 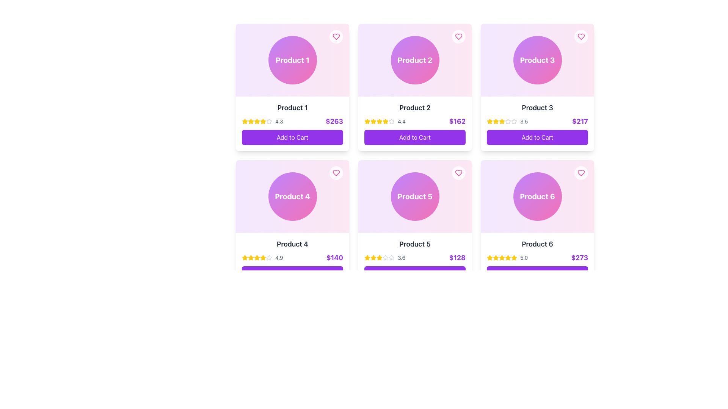 I want to click on the yellow star icon in the rating display of 'Product 3', which is the first star in a row of stars located in the top-right card, so click(x=490, y=121).